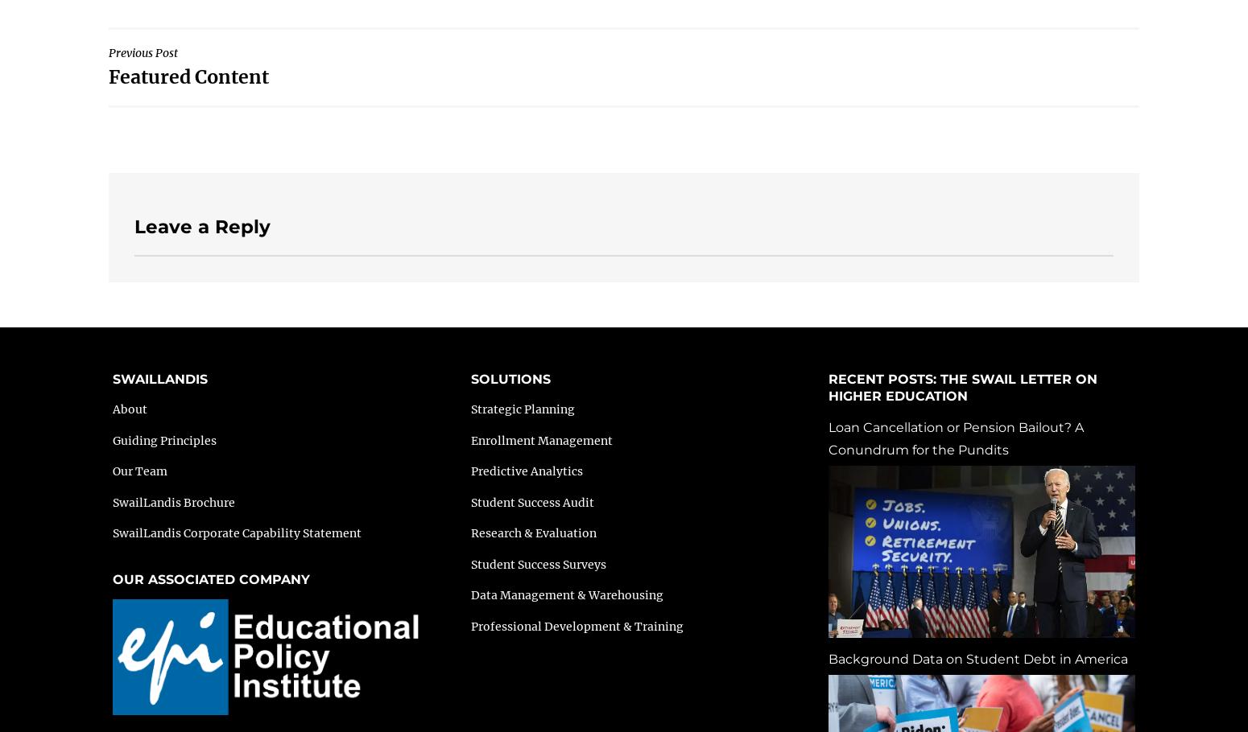 Image resolution: width=1248 pixels, height=732 pixels. Describe the element at coordinates (237, 533) in the screenshot. I see `'SwailLandis Corporate Capability Statement'` at that location.